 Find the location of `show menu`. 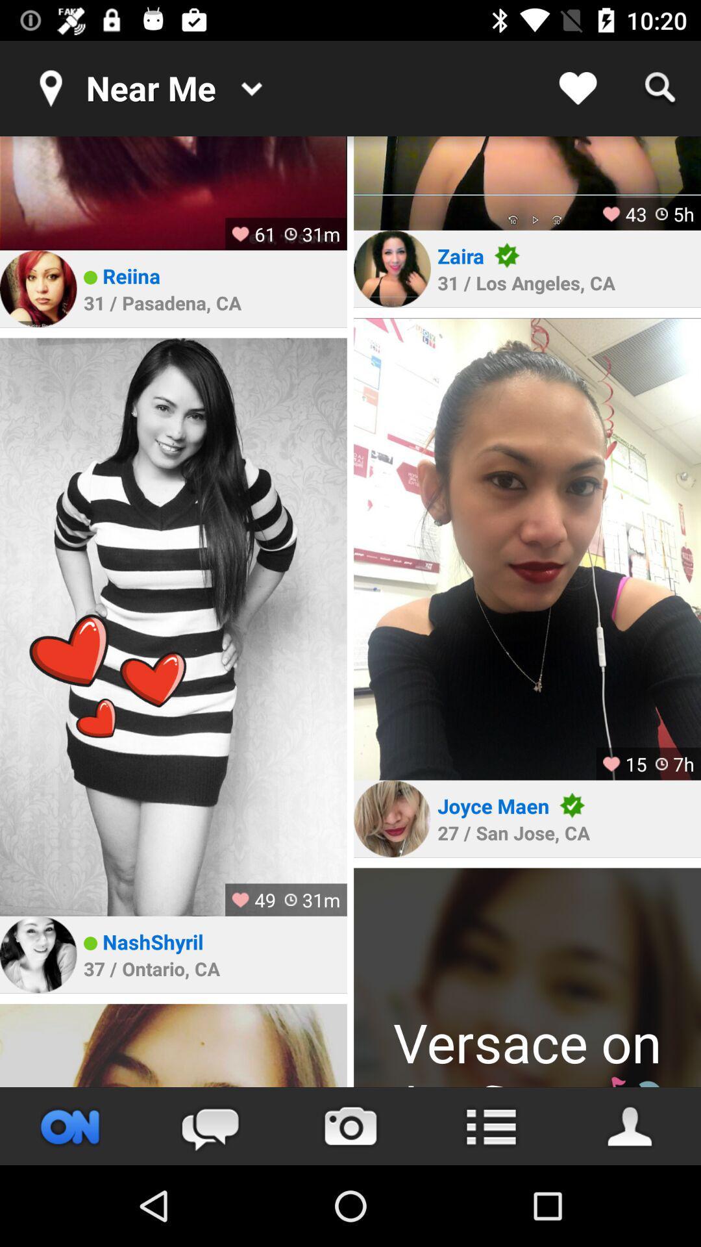

show menu is located at coordinates (491, 1126).